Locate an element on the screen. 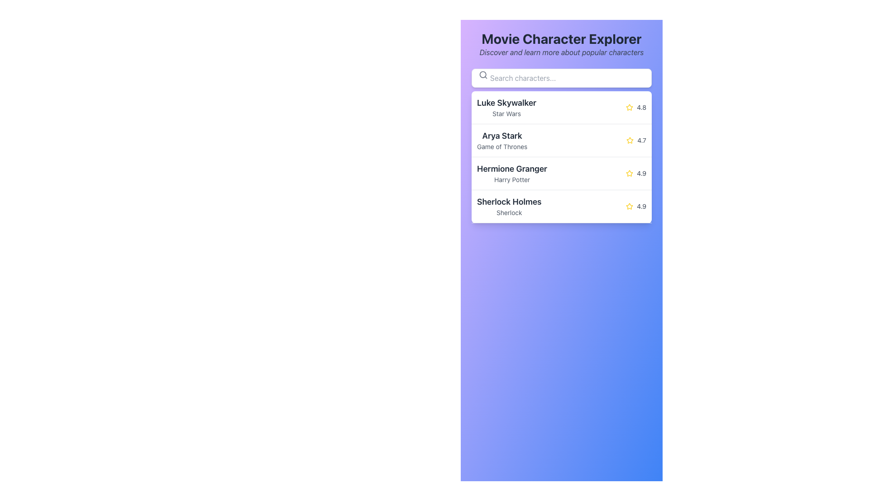 Image resolution: width=869 pixels, height=488 pixels. the list item representing 'Arya Stark' from 'Game of Thrones' is located at coordinates (561, 141).